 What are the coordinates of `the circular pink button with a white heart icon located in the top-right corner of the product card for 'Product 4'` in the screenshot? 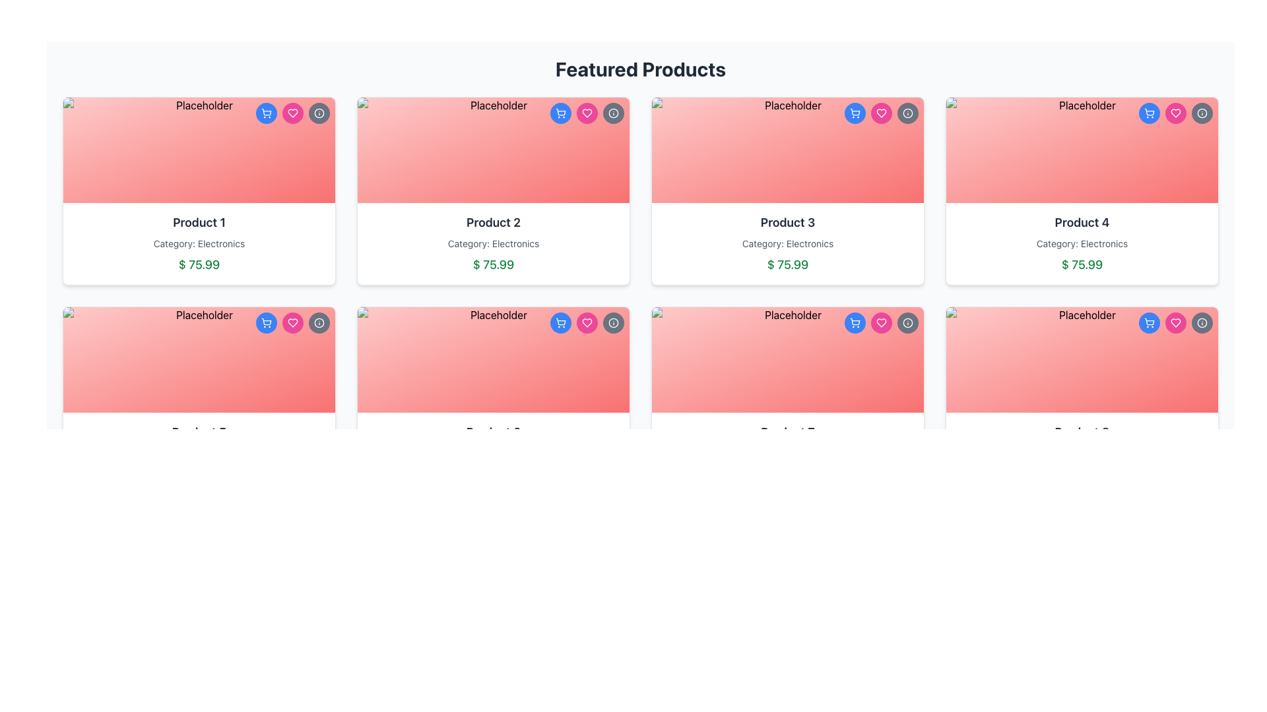 It's located at (1175, 113).